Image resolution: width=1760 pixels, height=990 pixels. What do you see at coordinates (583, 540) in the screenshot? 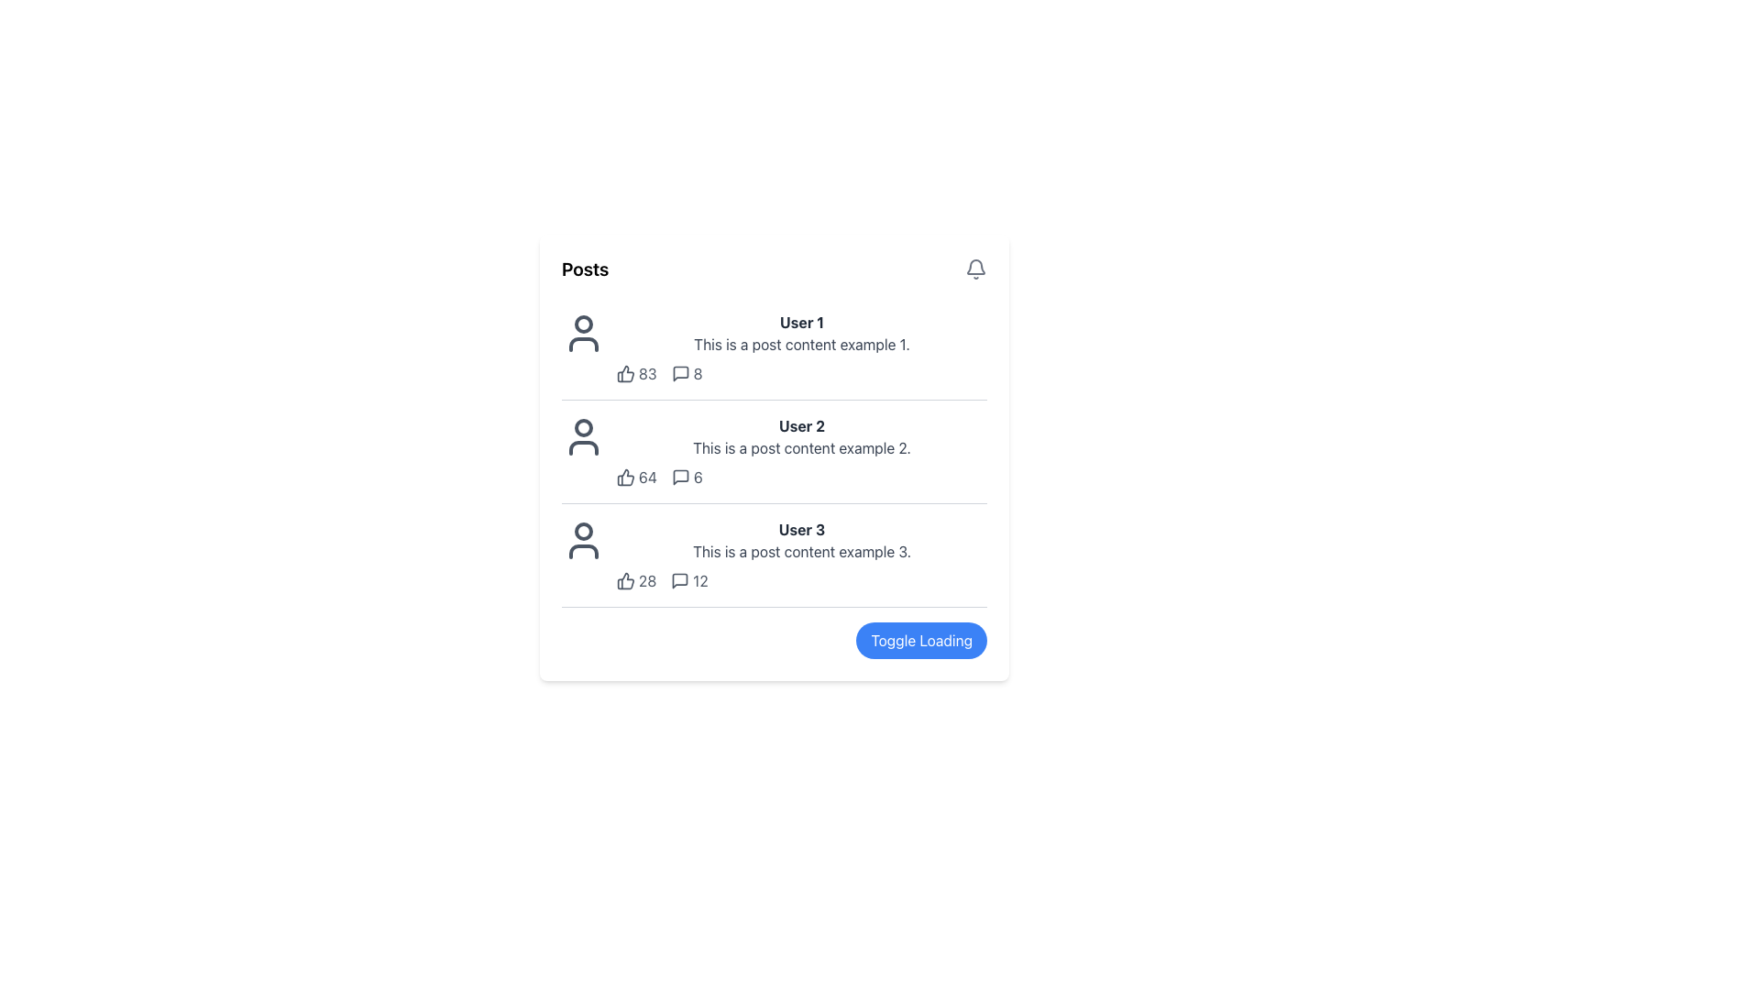
I see `the user profile icon located to the left of 'User 3' in the third post under the 'Posts' section` at bounding box center [583, 540].